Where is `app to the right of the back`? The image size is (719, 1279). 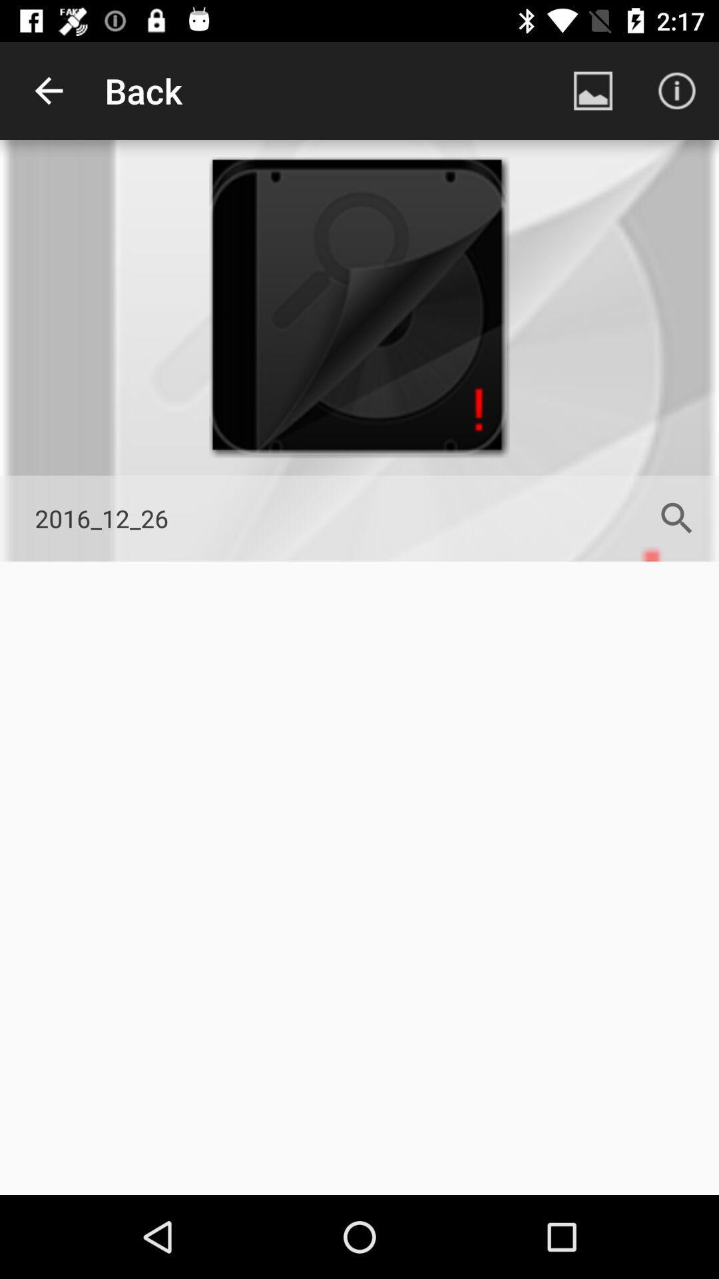
app to the right of the back is located at coordinates (593, 90).